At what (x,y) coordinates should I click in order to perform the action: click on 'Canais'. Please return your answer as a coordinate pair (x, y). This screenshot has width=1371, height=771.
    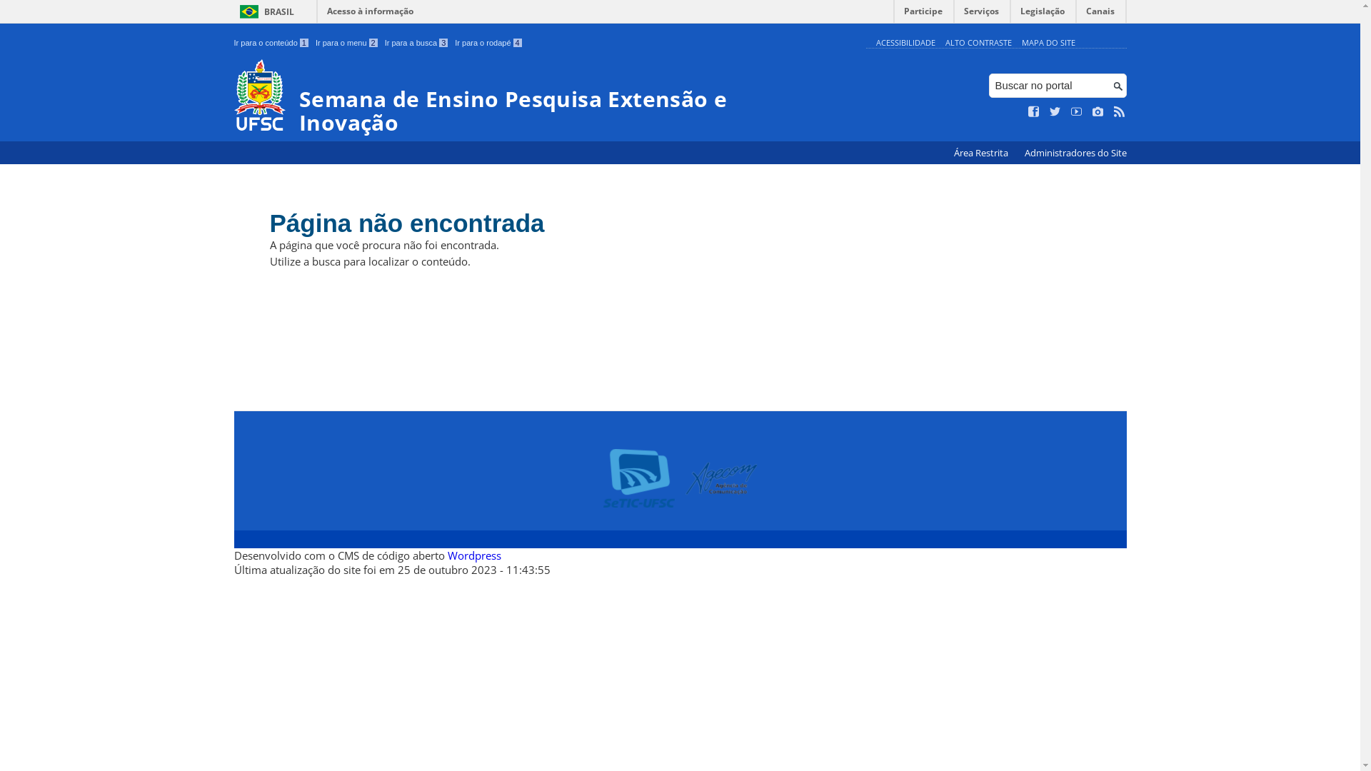
    Looking at the image, I should click on (1100, 14).